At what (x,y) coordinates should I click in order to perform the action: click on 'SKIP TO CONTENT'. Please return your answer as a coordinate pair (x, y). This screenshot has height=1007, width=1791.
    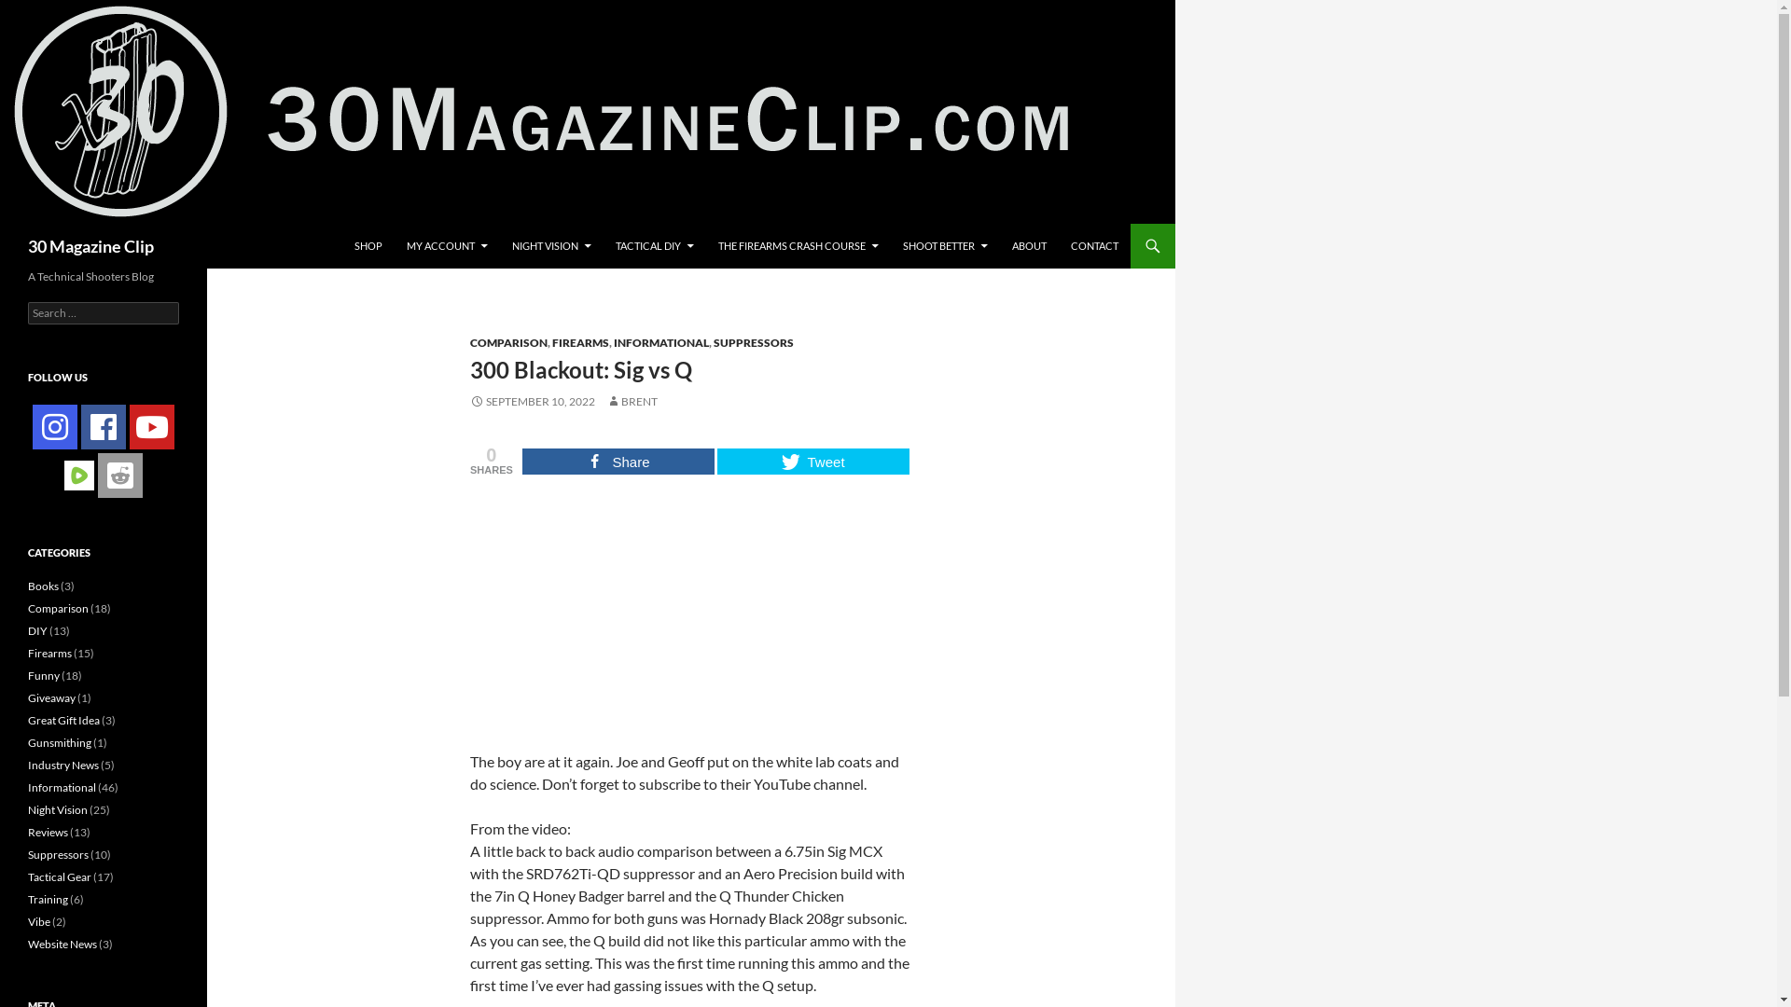
    Looking at the image, I should click on (341, 222).